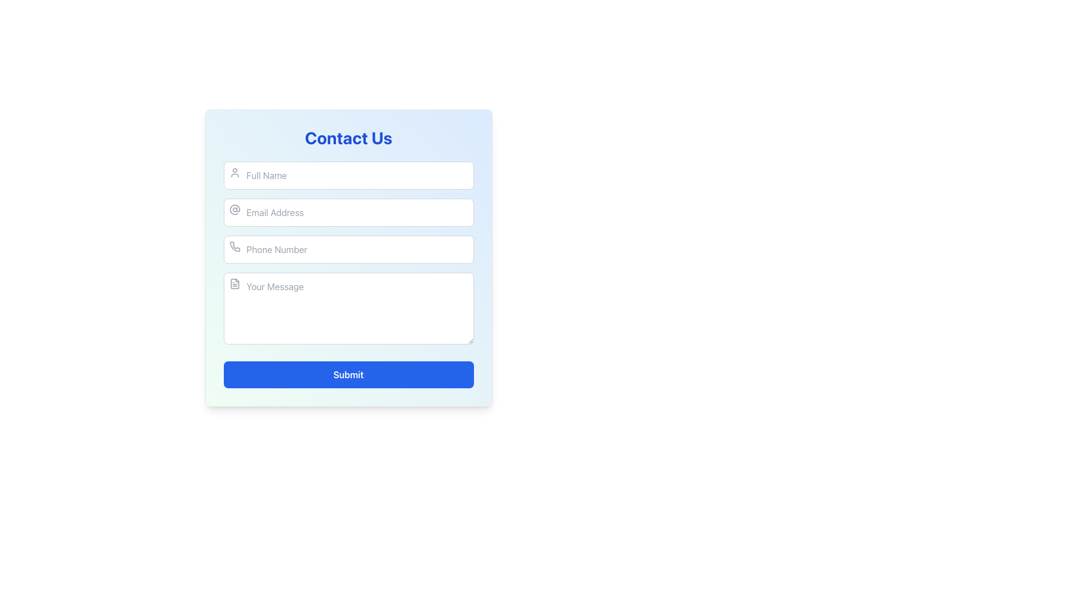  I want to click on the phone receiver icon, which is an SVG graphic representation styled with a rounded outline, located to the left of the 'Phone Number' text input field in the 'Contact Us' form, so click(234, 246).